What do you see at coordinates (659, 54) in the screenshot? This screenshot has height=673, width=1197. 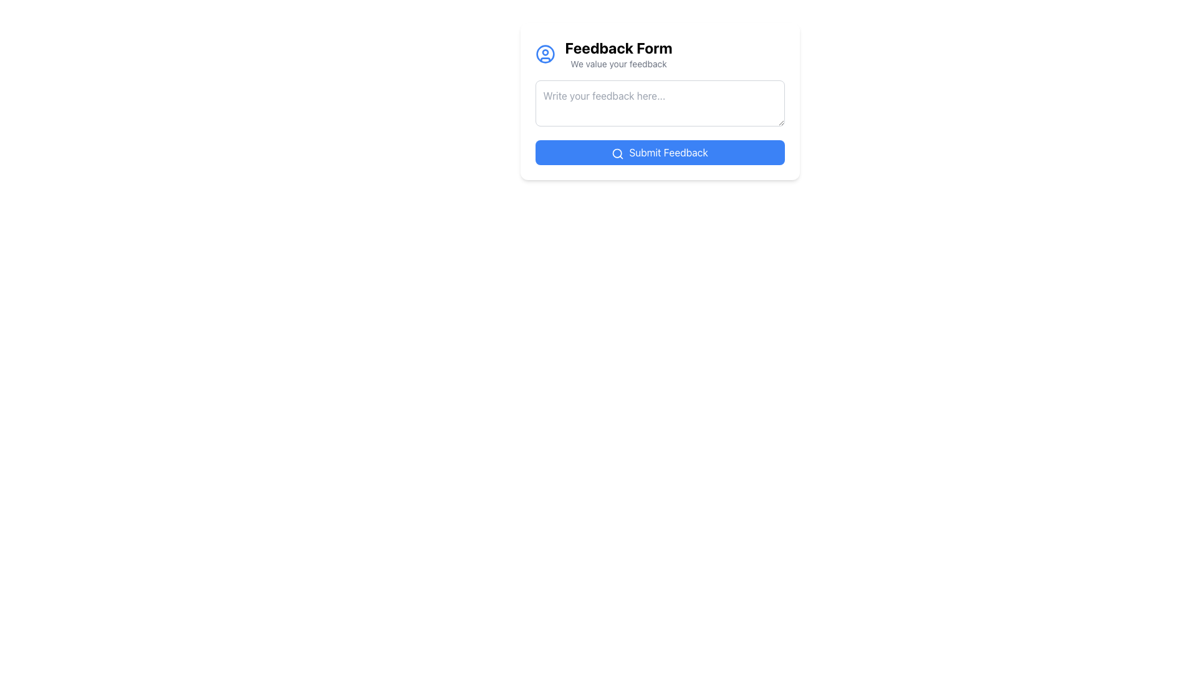 I see `the Text with icon header that consists of a blue user profile icon and the text 'Feedback Form' followed by 'We value your feedback'` at bounding box center [659, 54].